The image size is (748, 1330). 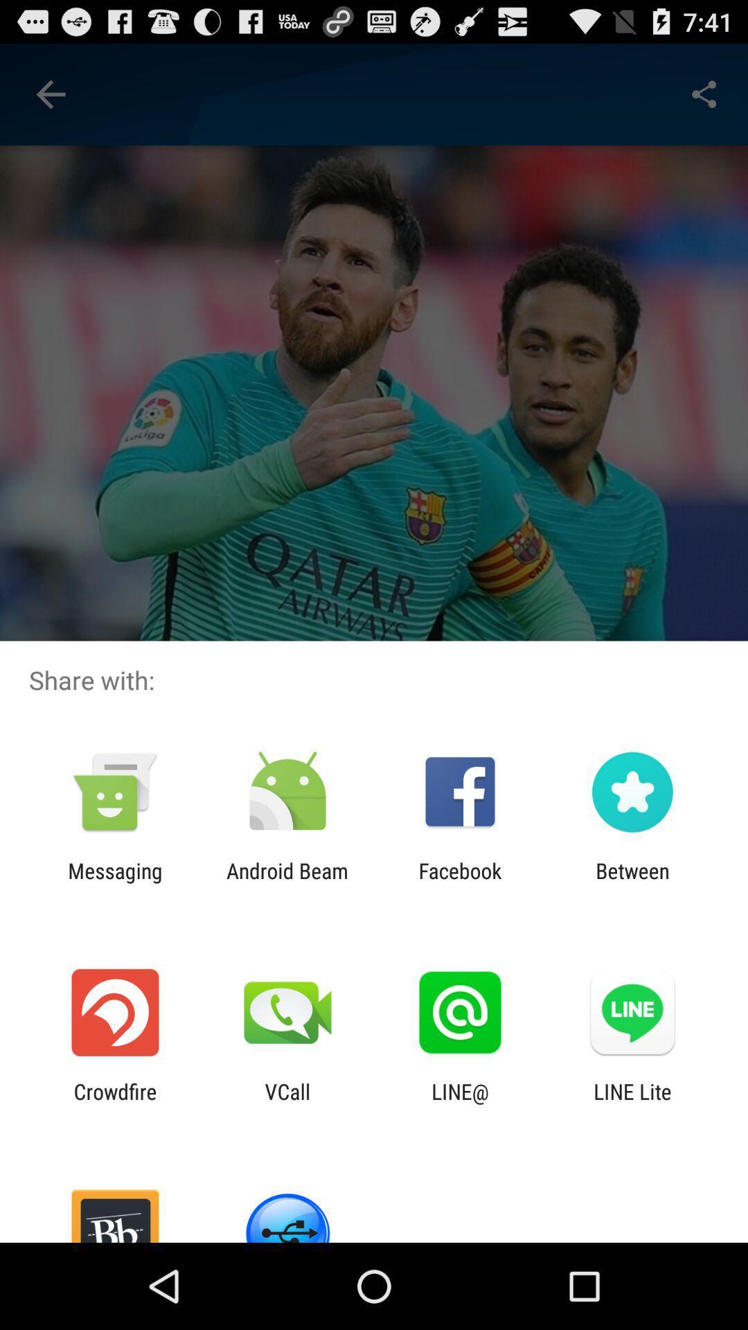 What do you see at coordinates (114, 1103) in the screenshot?
I see `the crowdfire app` at bounding box center [114, 1103].